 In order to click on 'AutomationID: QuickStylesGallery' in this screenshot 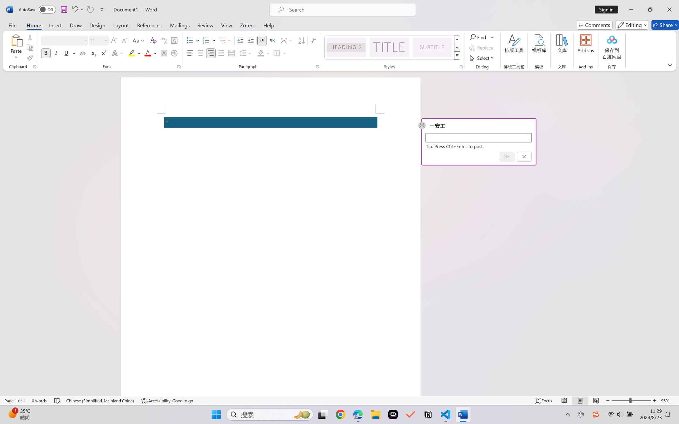, I will do `click(392, 48)`.